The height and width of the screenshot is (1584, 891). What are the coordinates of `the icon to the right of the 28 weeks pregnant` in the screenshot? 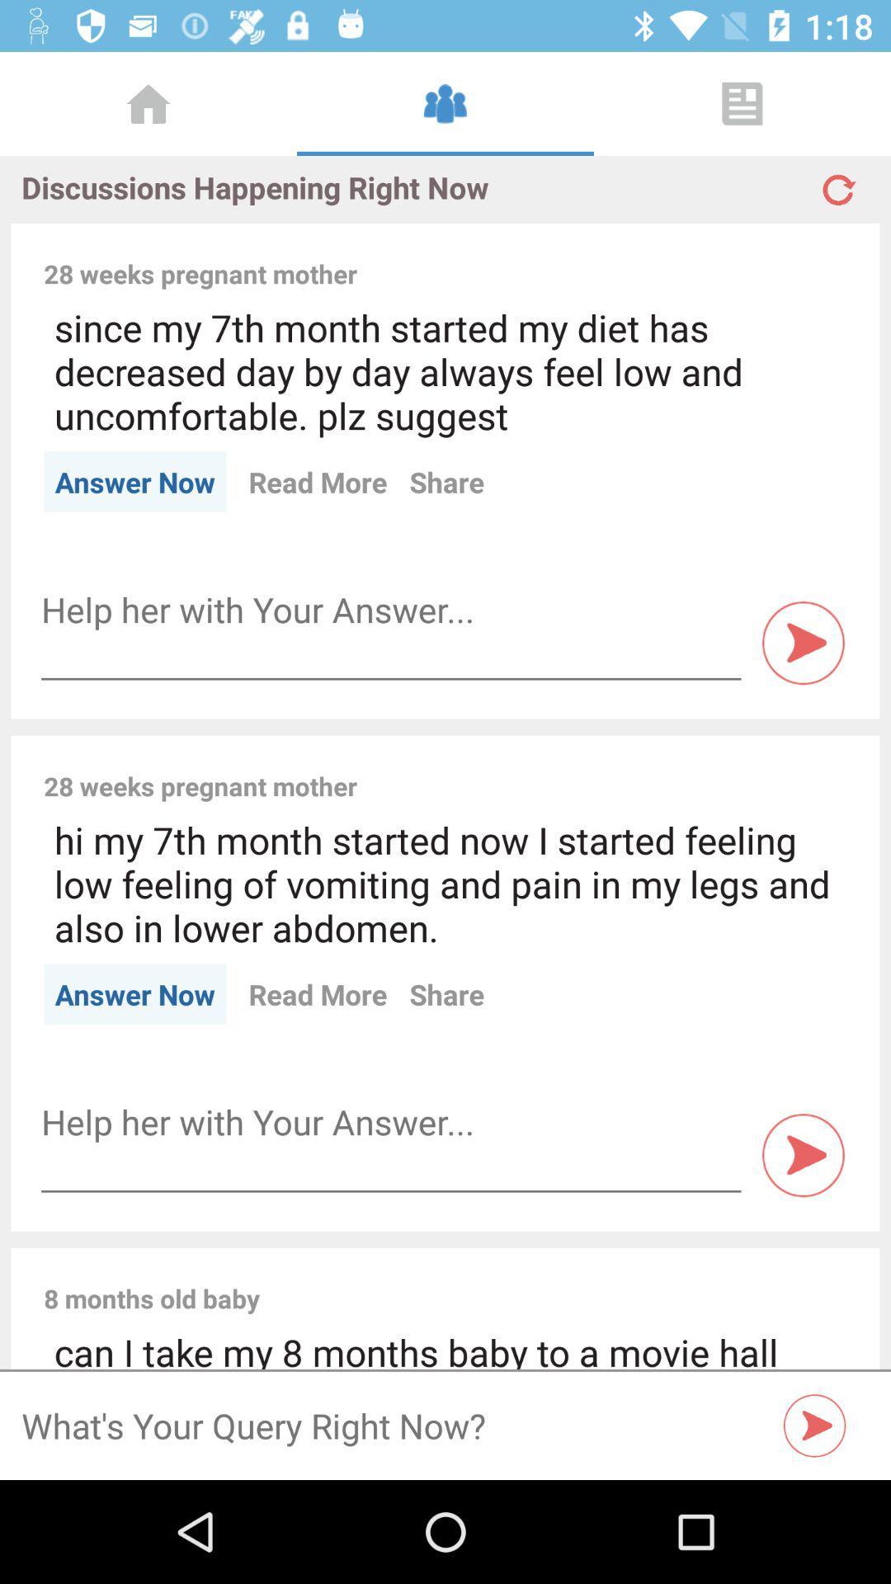 It's located at (613, 767).